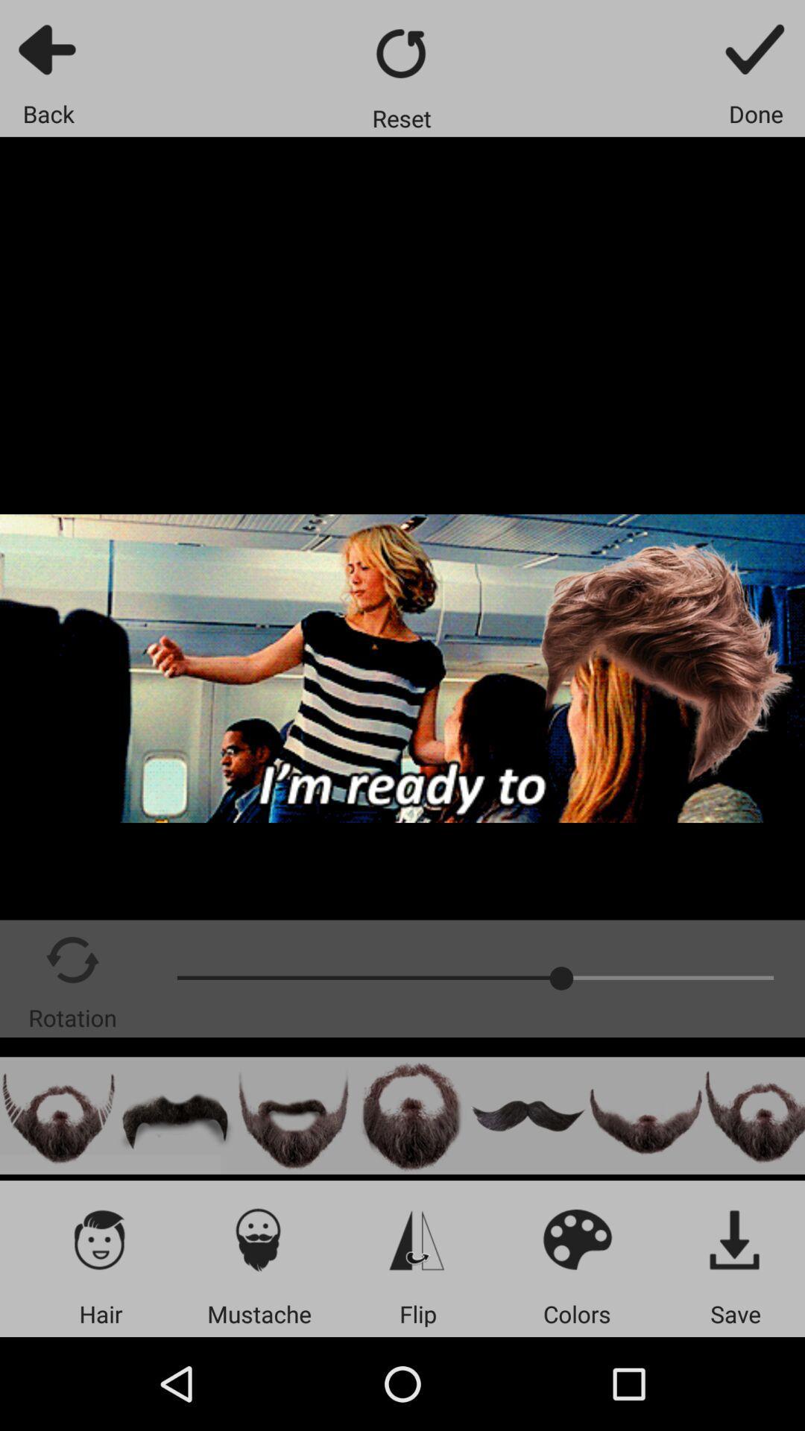 The width and height of the screenshot is (805, 1431). Describe the element at coordinates (576, 1239) in the screenshot. I see `the emoji icon` at that location.